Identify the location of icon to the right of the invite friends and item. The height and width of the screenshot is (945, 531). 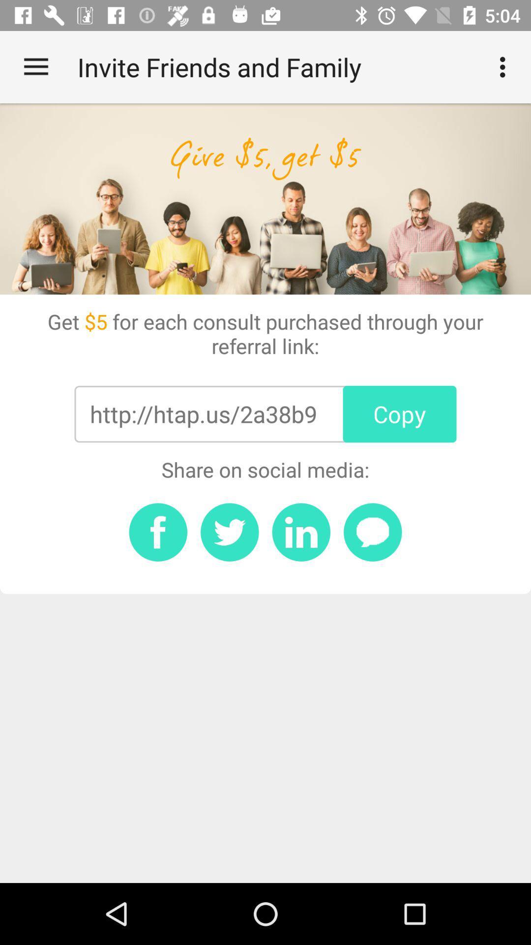
(505, 66).